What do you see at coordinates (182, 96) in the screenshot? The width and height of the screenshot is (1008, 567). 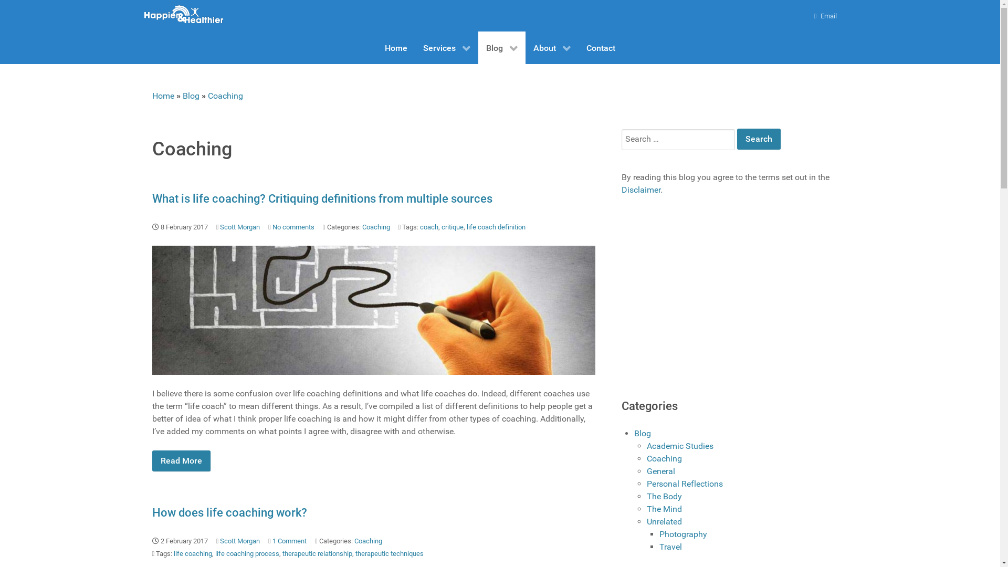 I see `'Blog'` at bounding box center [182, 96].